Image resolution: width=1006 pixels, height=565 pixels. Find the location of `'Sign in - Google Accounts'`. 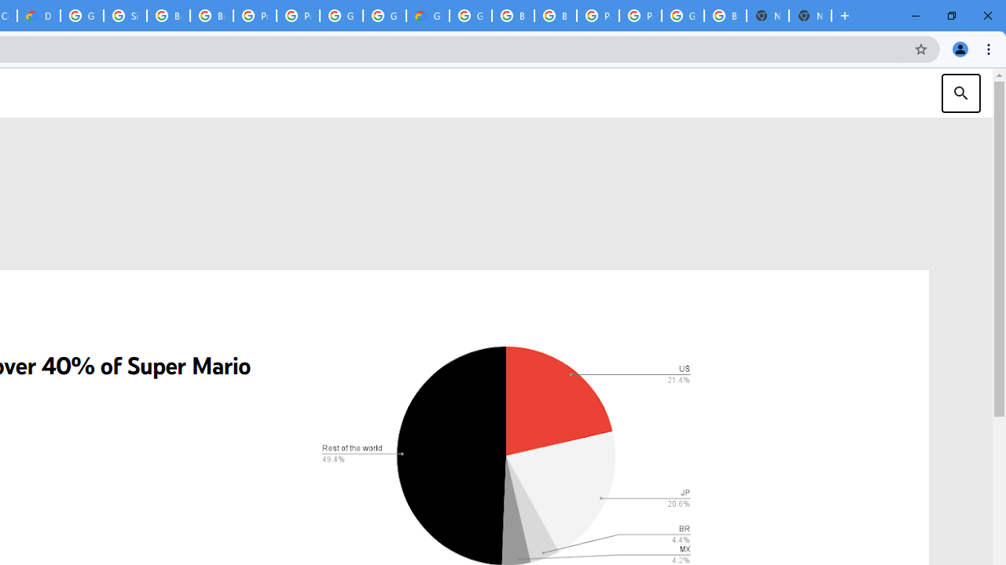

'Sign in - Google Accounts' is located at coordinates (124, 16).